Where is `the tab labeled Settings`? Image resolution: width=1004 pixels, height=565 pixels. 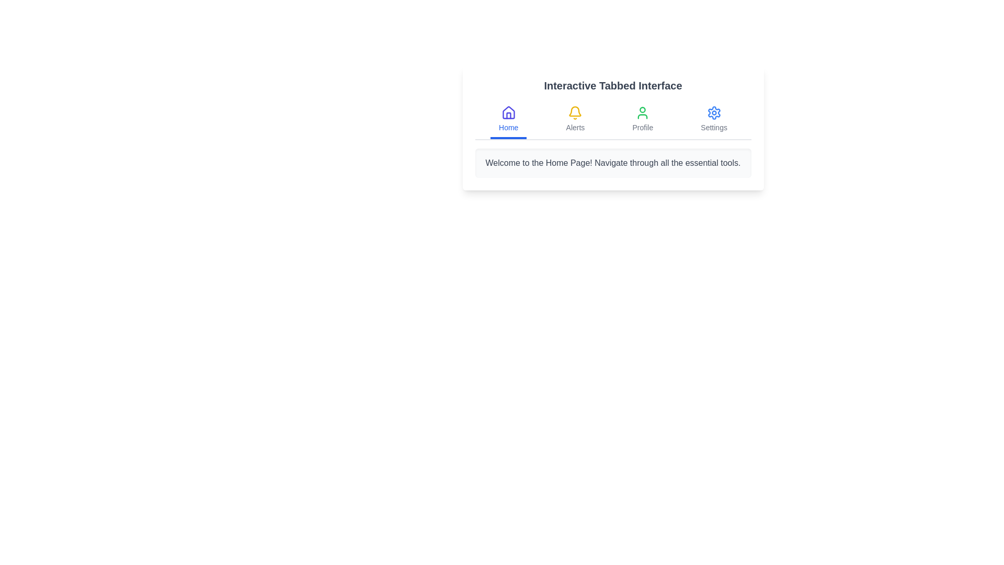 the tab labeled Settings is located at coordinates (713, 120).